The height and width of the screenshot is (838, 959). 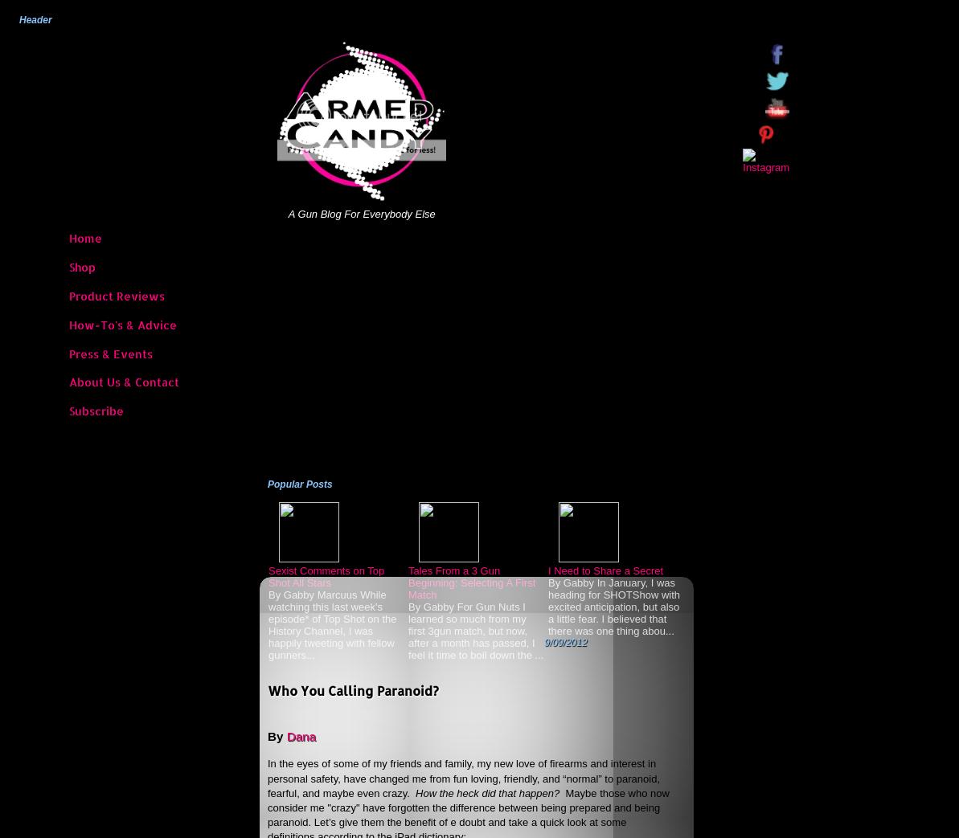 I want to click on 'By', so click(x=267, y=734).